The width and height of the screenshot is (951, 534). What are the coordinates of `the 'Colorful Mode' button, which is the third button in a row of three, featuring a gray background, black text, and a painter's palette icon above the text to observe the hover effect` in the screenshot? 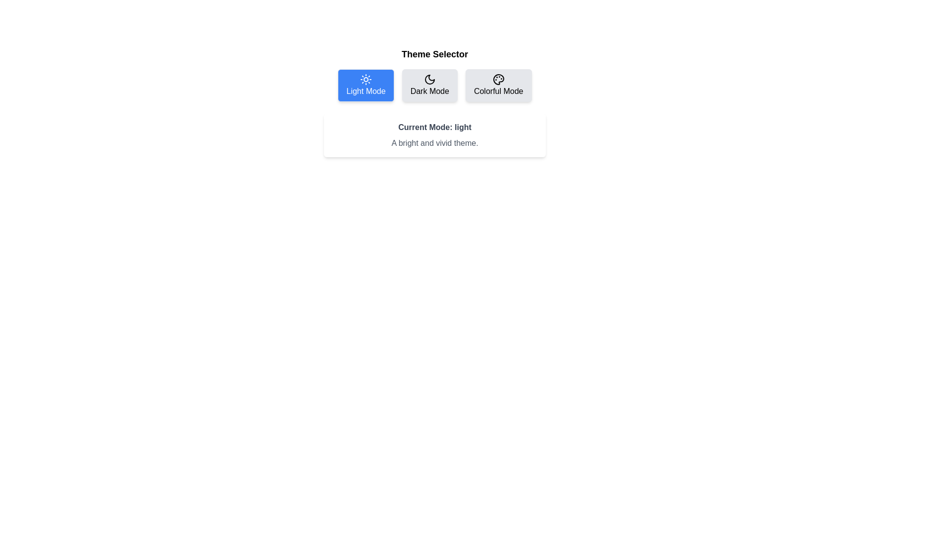 It's located at (498, 85).